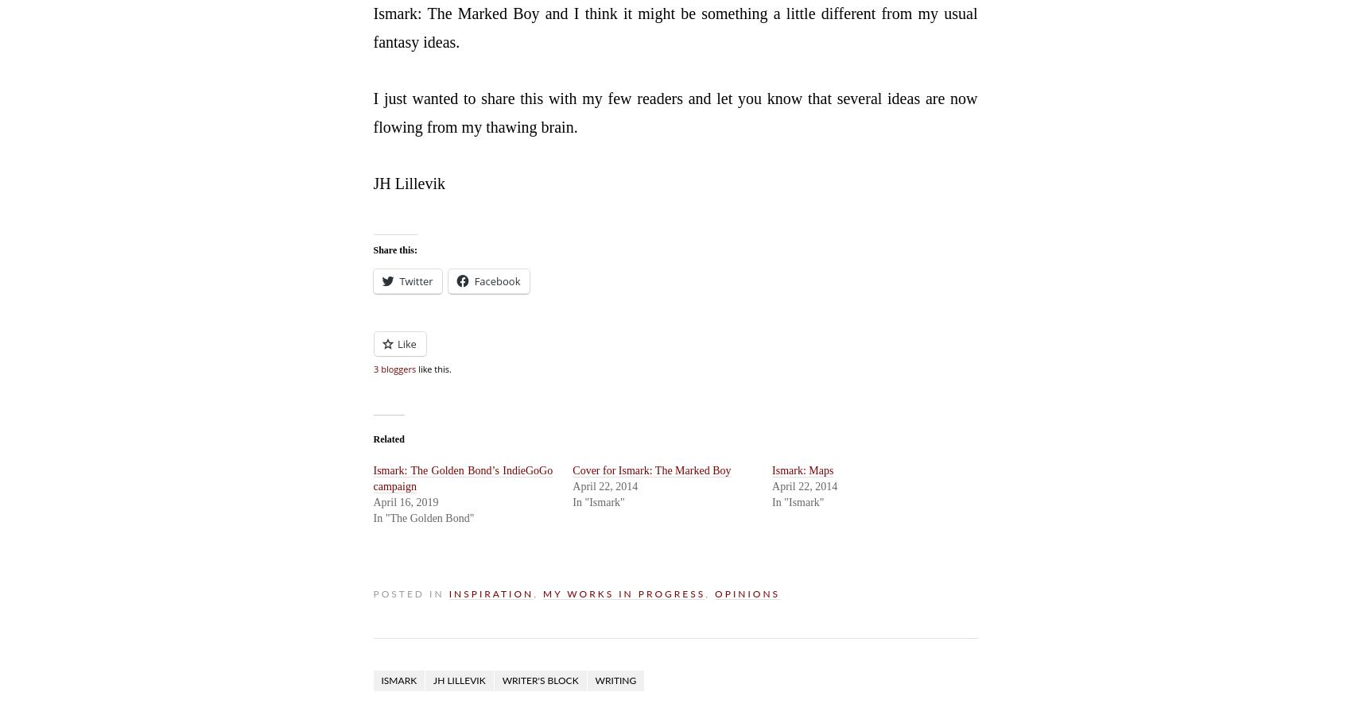  I want to click on 'I just wanted to share this with my few readers and let you know that several ideas are now flowing from my thawing brain.', so click(674, 111).